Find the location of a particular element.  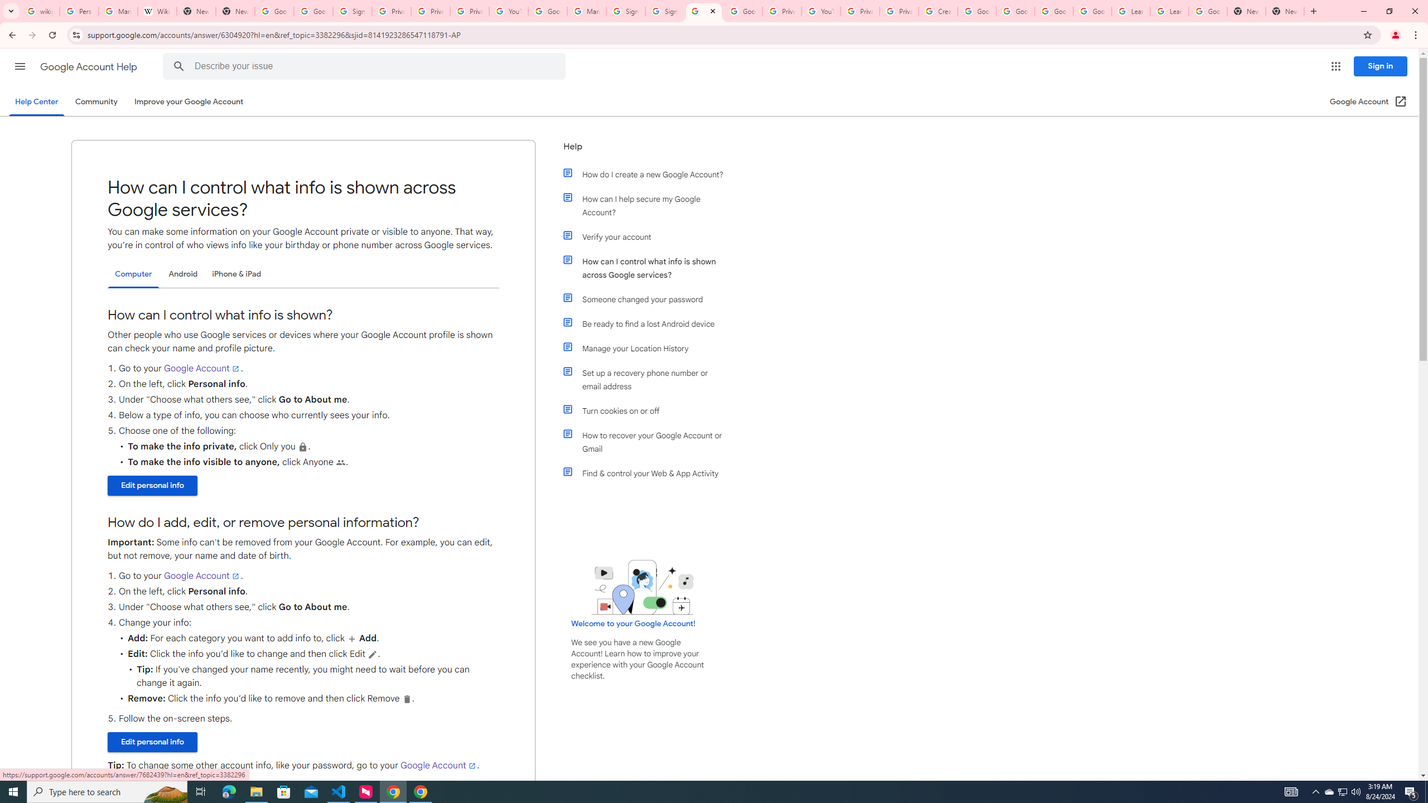

'Wikipedia:Edit requests - Wikipedia' is located at coordinates (157, 11).